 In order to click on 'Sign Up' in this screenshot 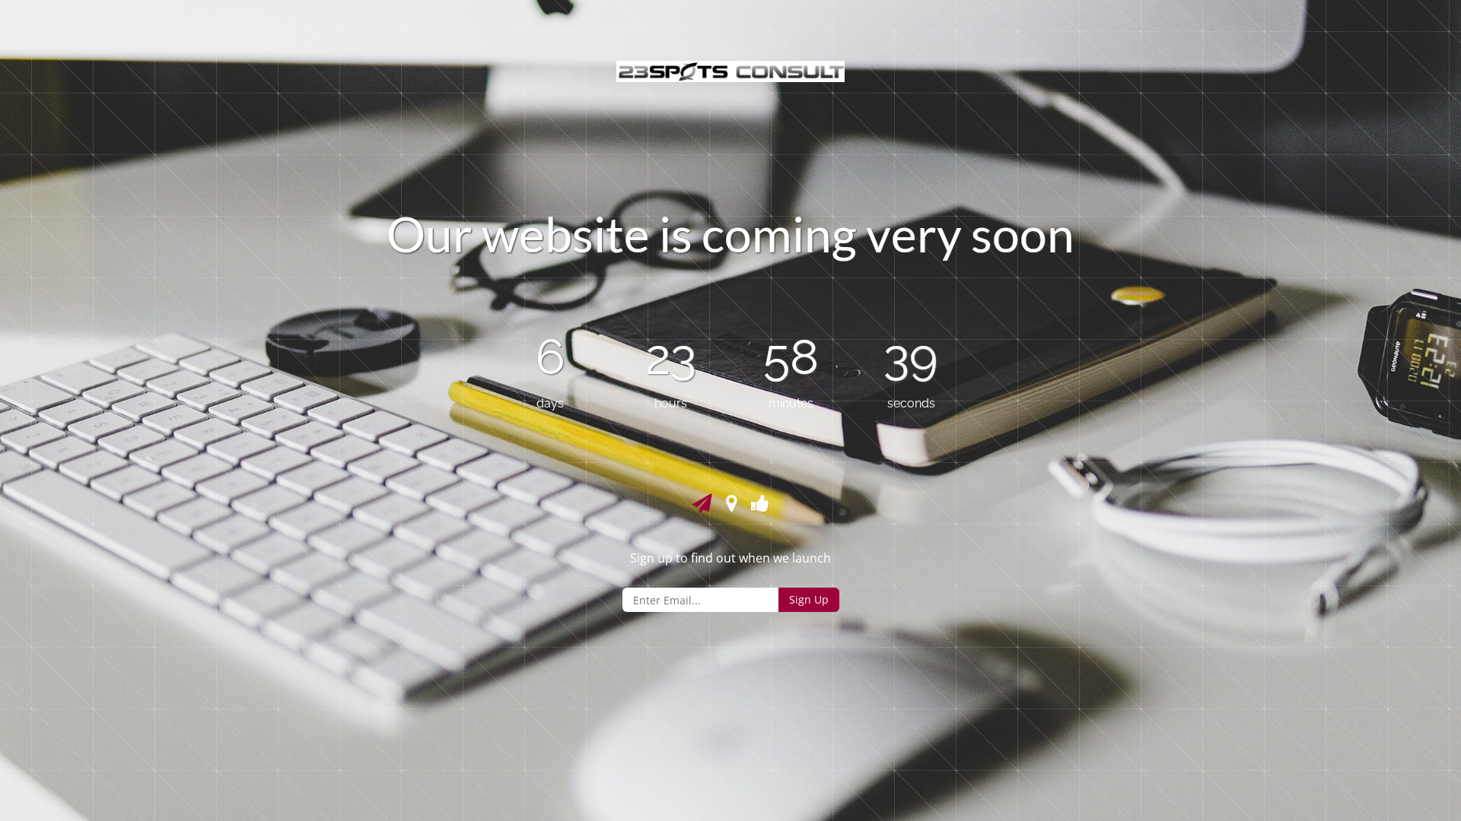, I will do `click(807, 599)`.